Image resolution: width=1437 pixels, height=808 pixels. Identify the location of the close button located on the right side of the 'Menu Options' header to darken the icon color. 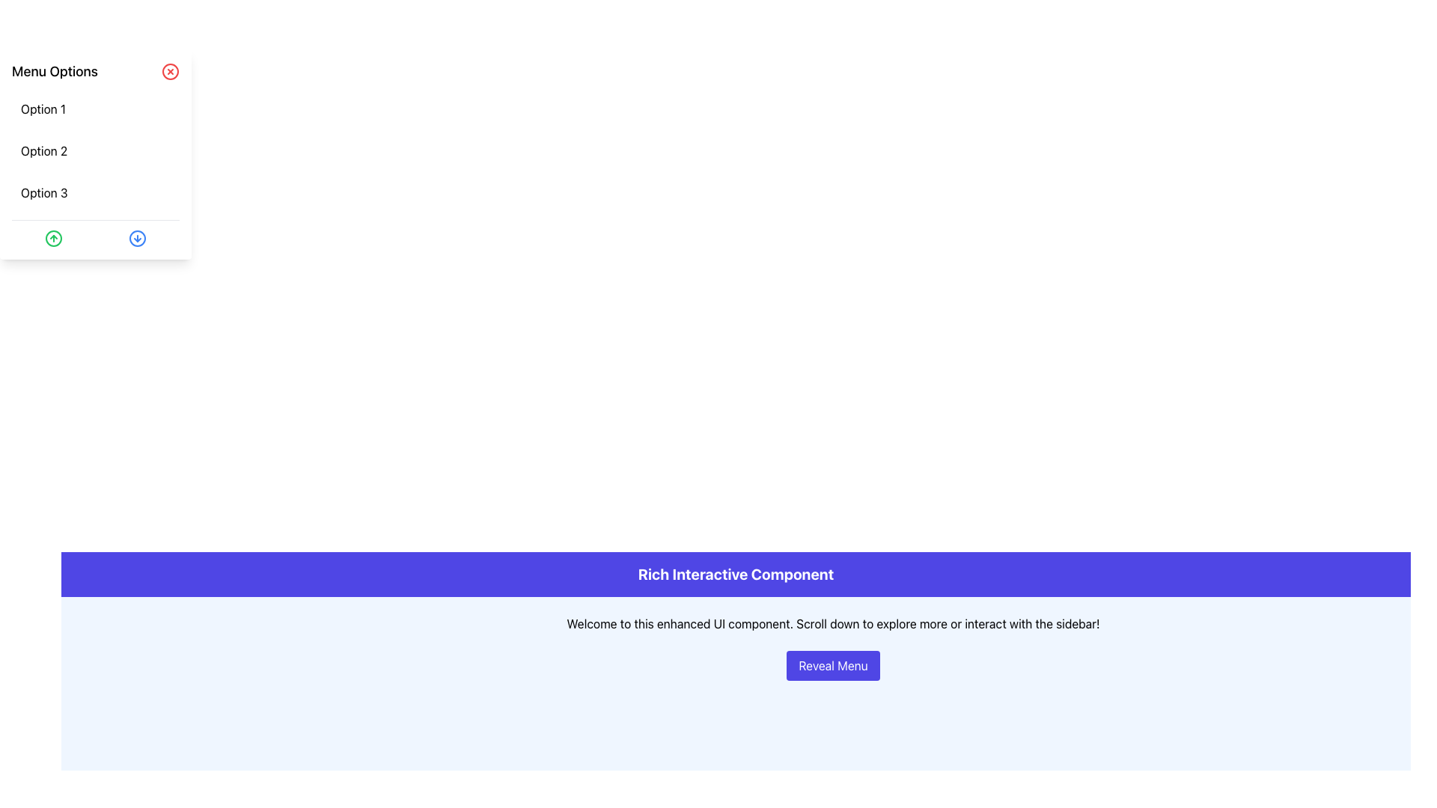
(170, 72).